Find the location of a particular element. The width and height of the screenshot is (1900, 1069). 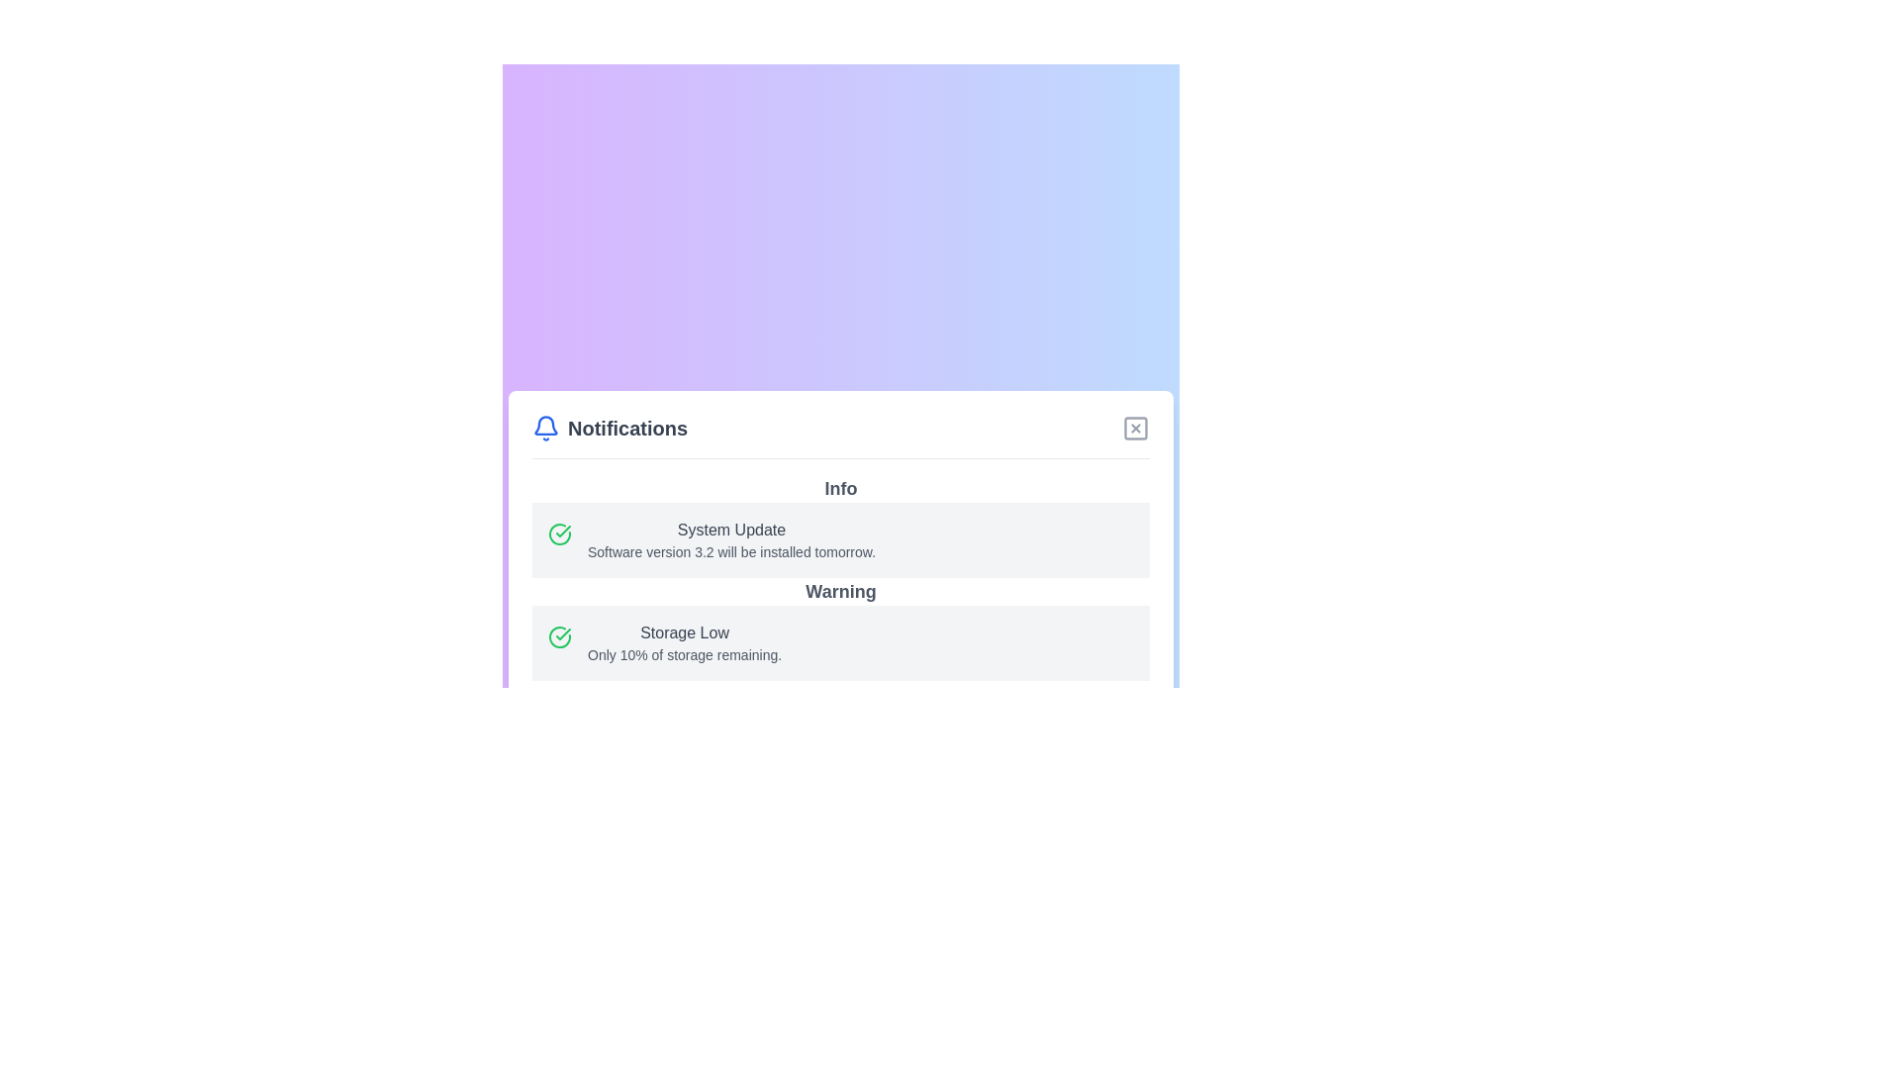

the circular icon with a checkmark inside, styled with a green outline, located to the left of the text section in the 'System Update' notification block is located at coordinates (559, 533).